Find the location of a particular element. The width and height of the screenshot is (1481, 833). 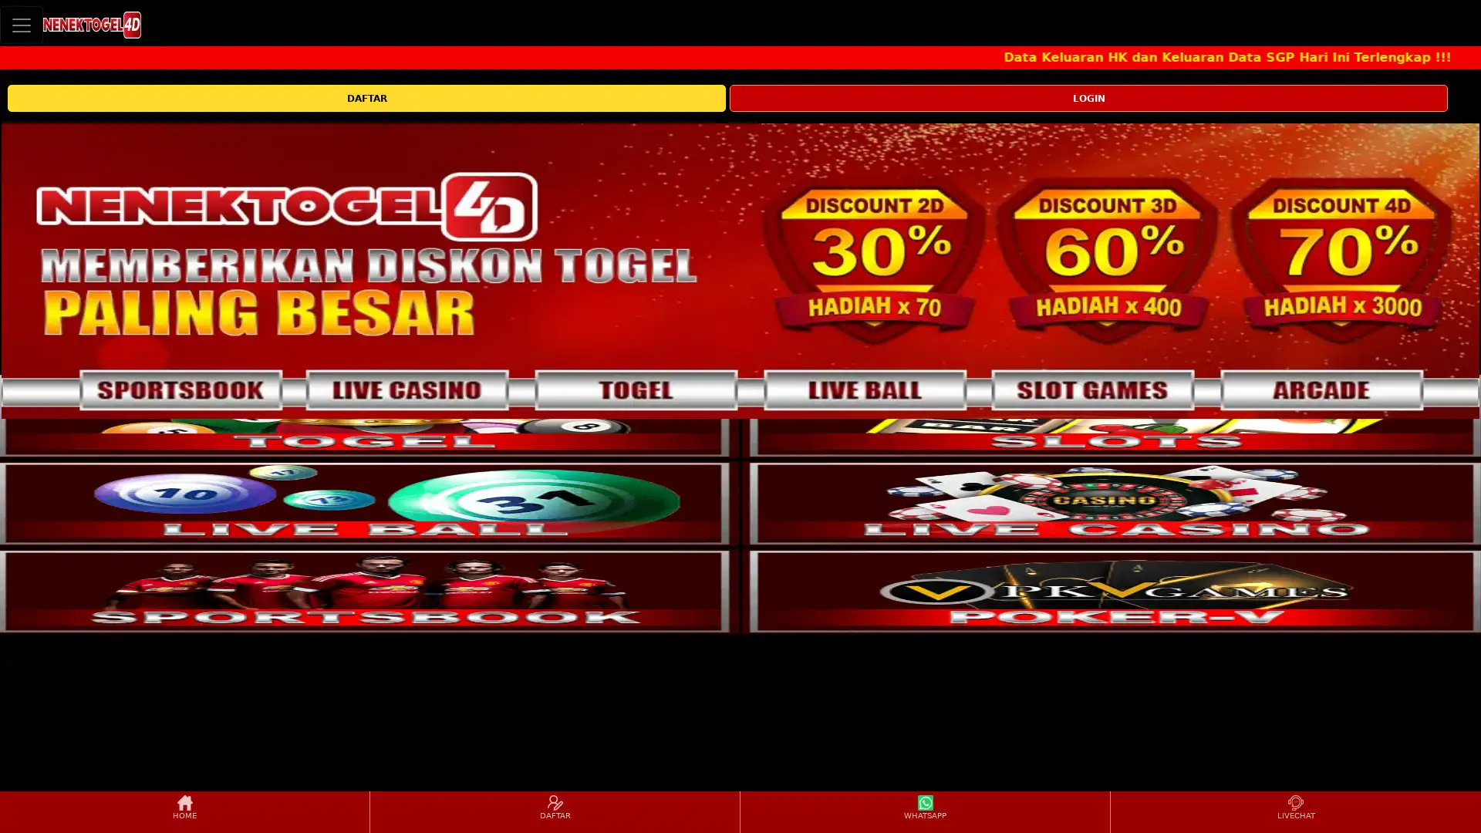

Previous item in carousel (1 of 1) is located at coordinates (14, 270).